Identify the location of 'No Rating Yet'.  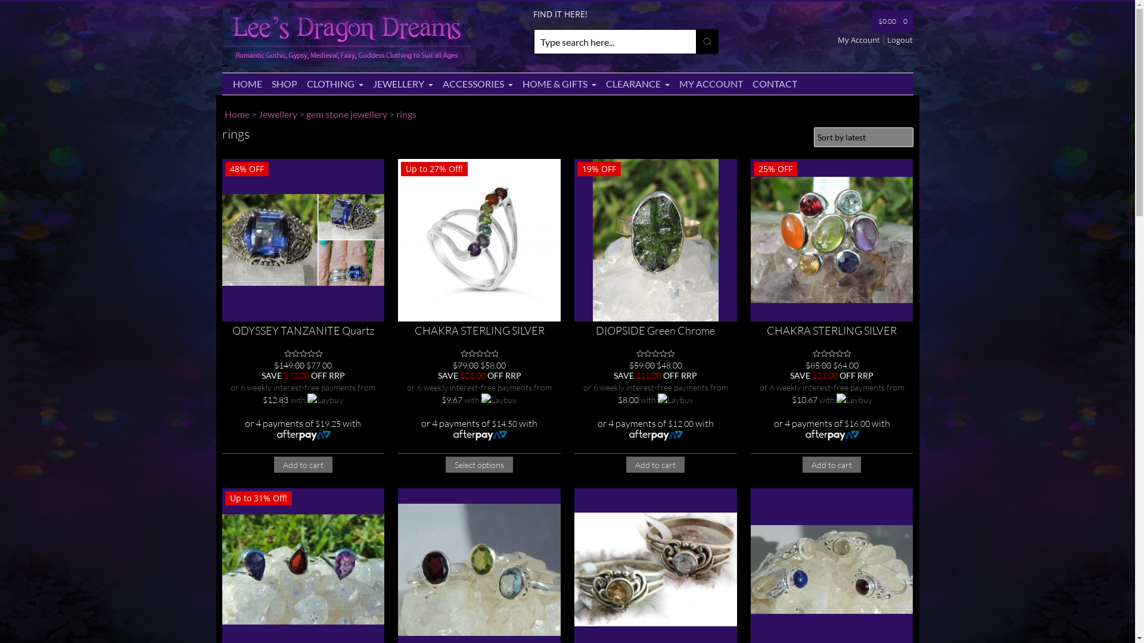
(831, 353).